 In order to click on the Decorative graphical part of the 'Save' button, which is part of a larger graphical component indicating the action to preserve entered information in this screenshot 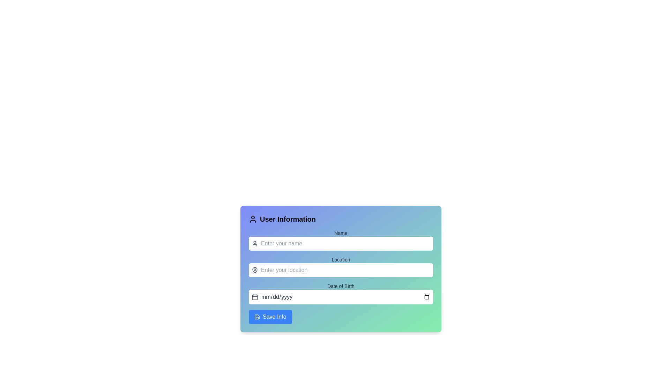, I will do `click(257, 317)`.